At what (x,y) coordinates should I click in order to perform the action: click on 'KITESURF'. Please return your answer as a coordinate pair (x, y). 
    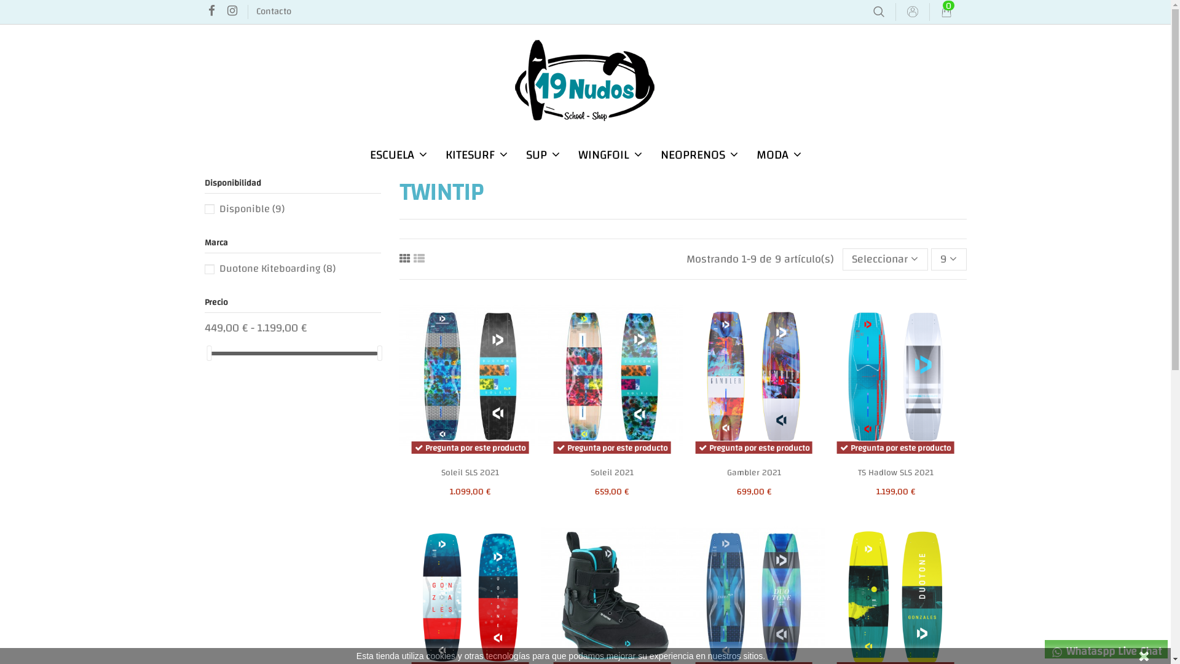
    Looking at the image, I should click on (436, 154).